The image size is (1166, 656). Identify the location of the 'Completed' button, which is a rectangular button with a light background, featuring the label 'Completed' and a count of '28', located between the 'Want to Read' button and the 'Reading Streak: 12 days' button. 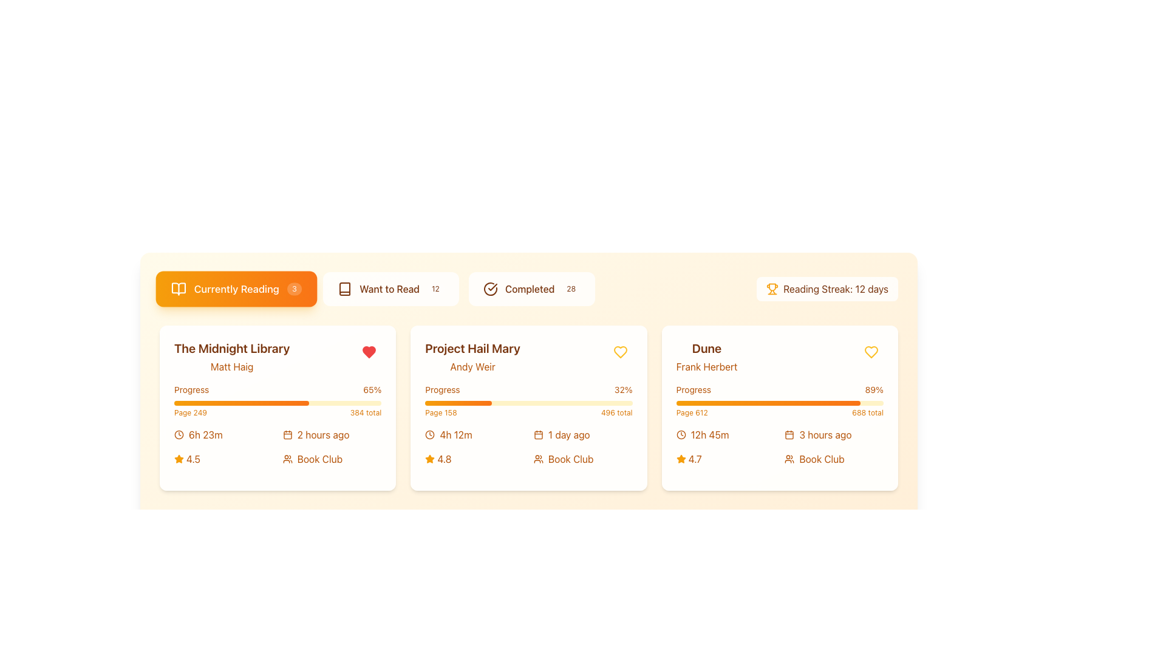
(531, 289).